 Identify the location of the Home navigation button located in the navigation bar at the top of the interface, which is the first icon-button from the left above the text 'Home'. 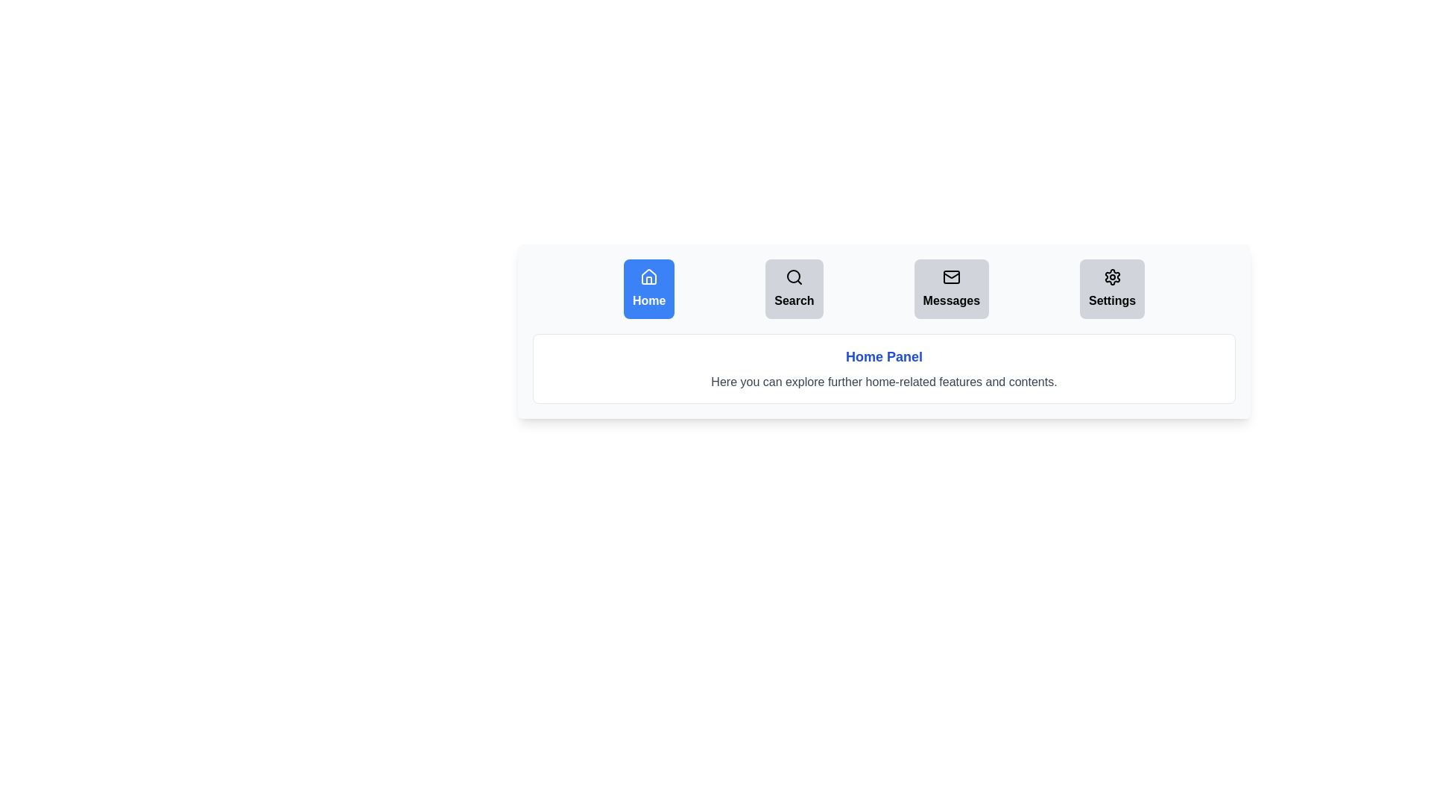
(649, 280).